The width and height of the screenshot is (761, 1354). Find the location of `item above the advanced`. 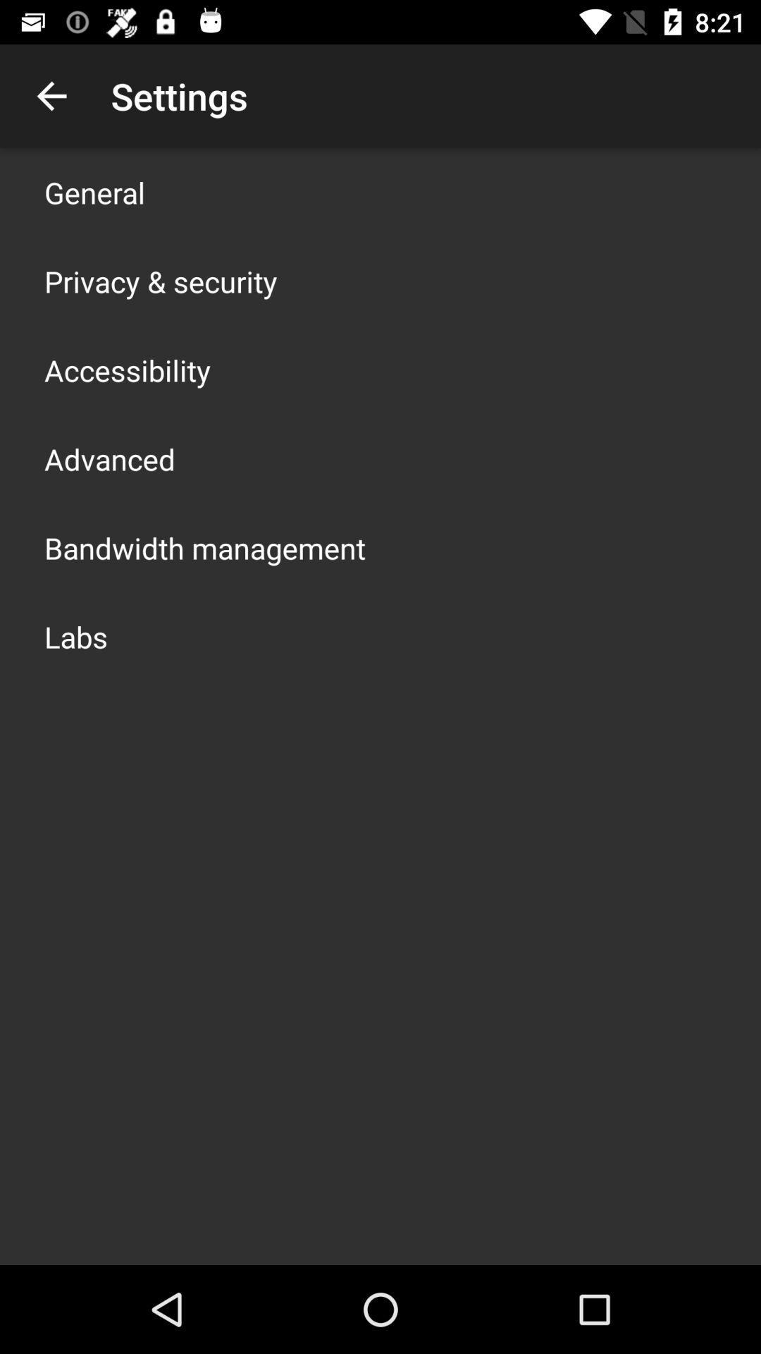

item above the advanced is located at coordinates (128, 370).